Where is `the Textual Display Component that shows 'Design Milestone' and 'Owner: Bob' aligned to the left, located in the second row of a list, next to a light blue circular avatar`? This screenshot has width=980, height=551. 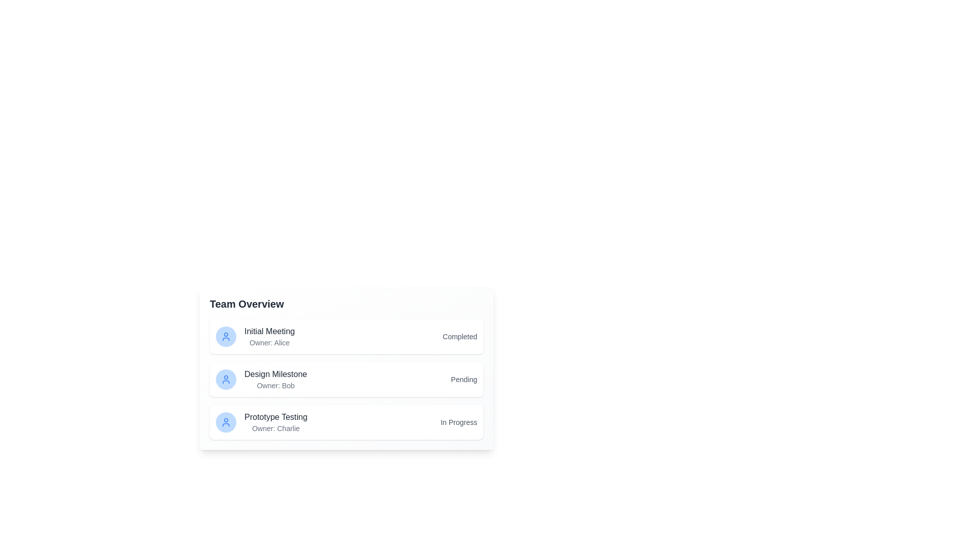 the Textual Display Component that shows 'Design Milestone' and 'Owner: Bob' aligned to the left, located in the second row of a list, next to a light blue circular avatar is located at coordinates (276, 380).